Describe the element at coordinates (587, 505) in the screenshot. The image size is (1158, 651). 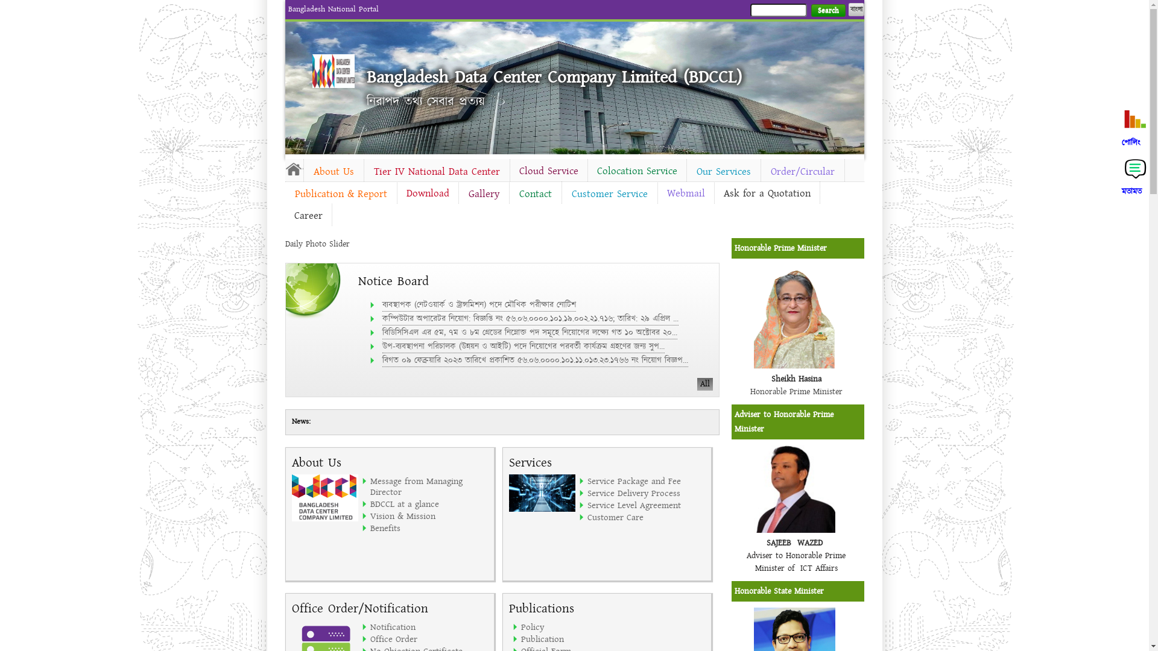
I see `'Service Level Agreement'` at that location.